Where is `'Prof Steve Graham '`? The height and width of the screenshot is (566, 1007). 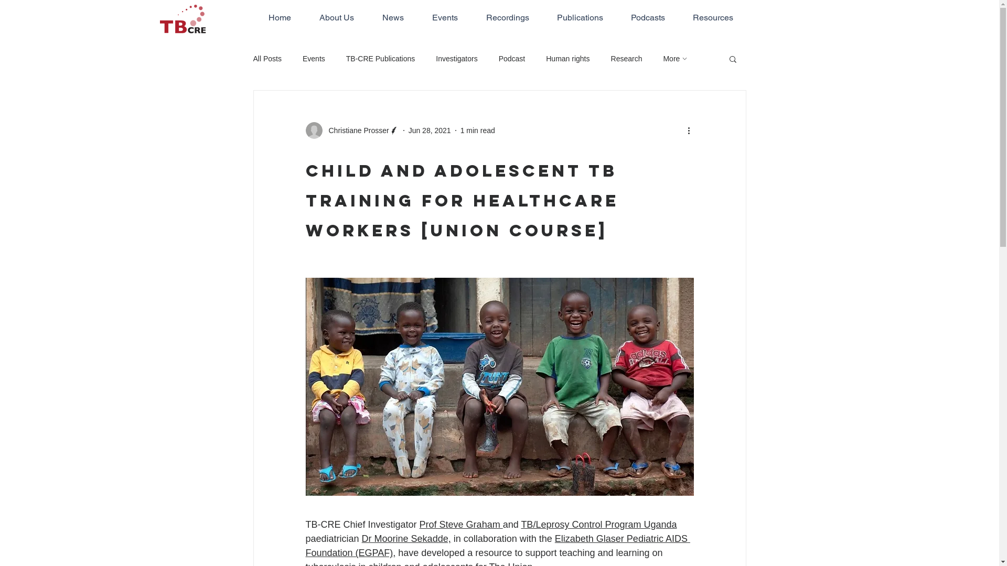 'Prof Steve Graham ' is located at coordinates (420, 525).